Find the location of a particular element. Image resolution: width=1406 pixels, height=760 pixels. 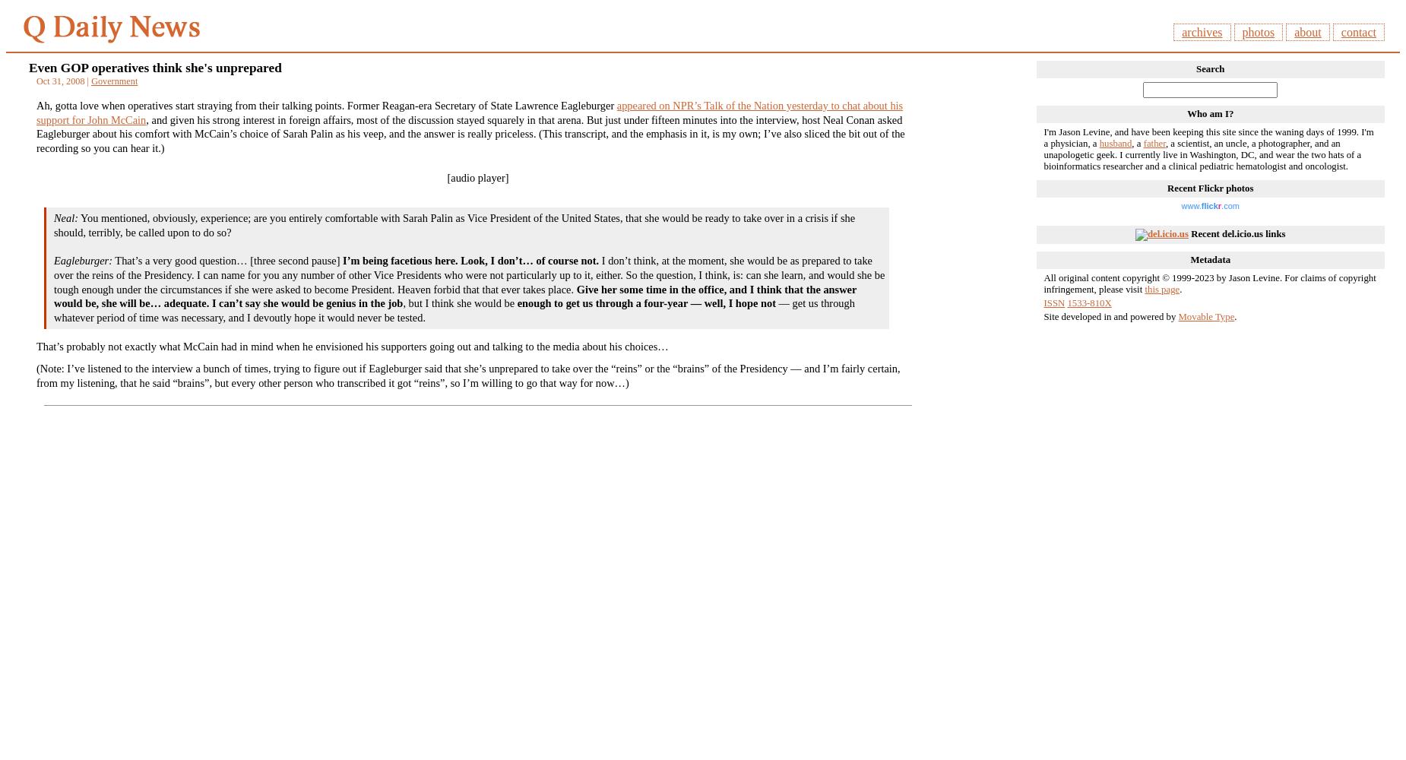

'photos' is located at coordinates (1241, 32).